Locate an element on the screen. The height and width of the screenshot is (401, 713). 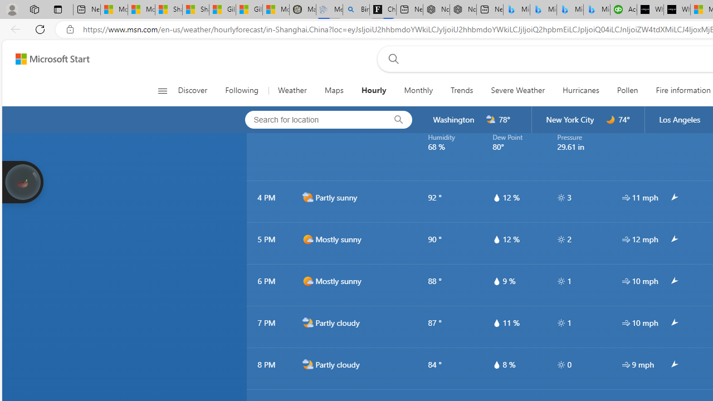
'Hourly' is located at coordinates (374, 90).